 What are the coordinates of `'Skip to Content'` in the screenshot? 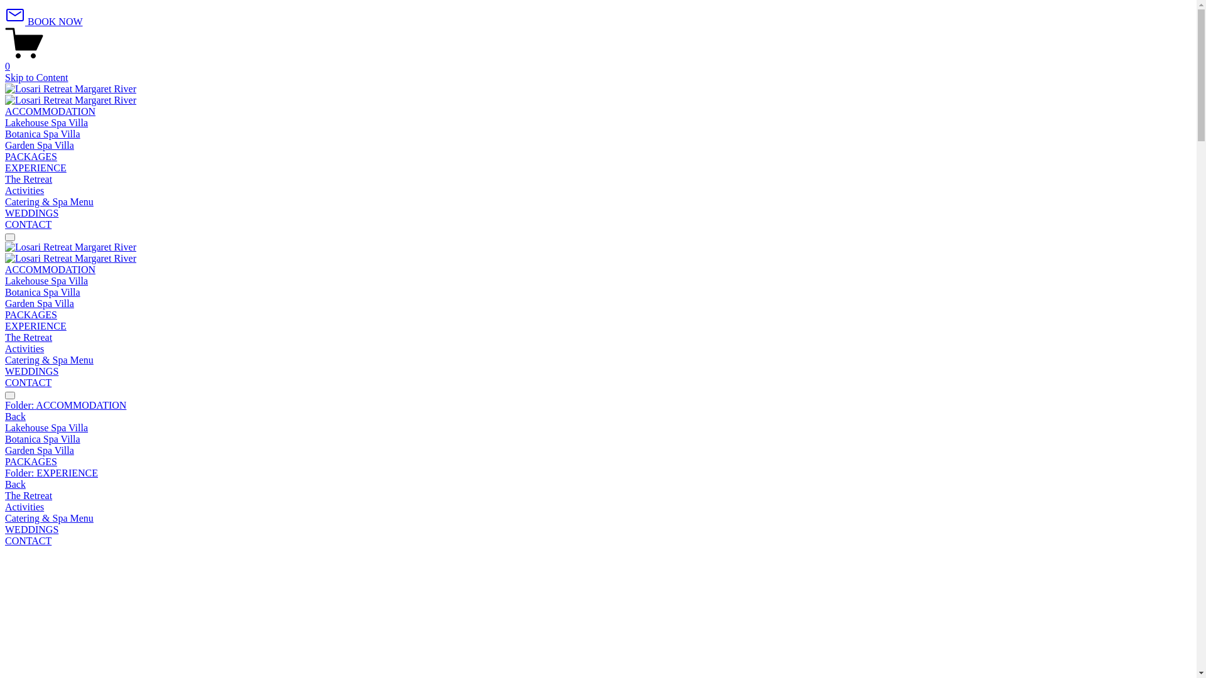 It's located at (5, 77).